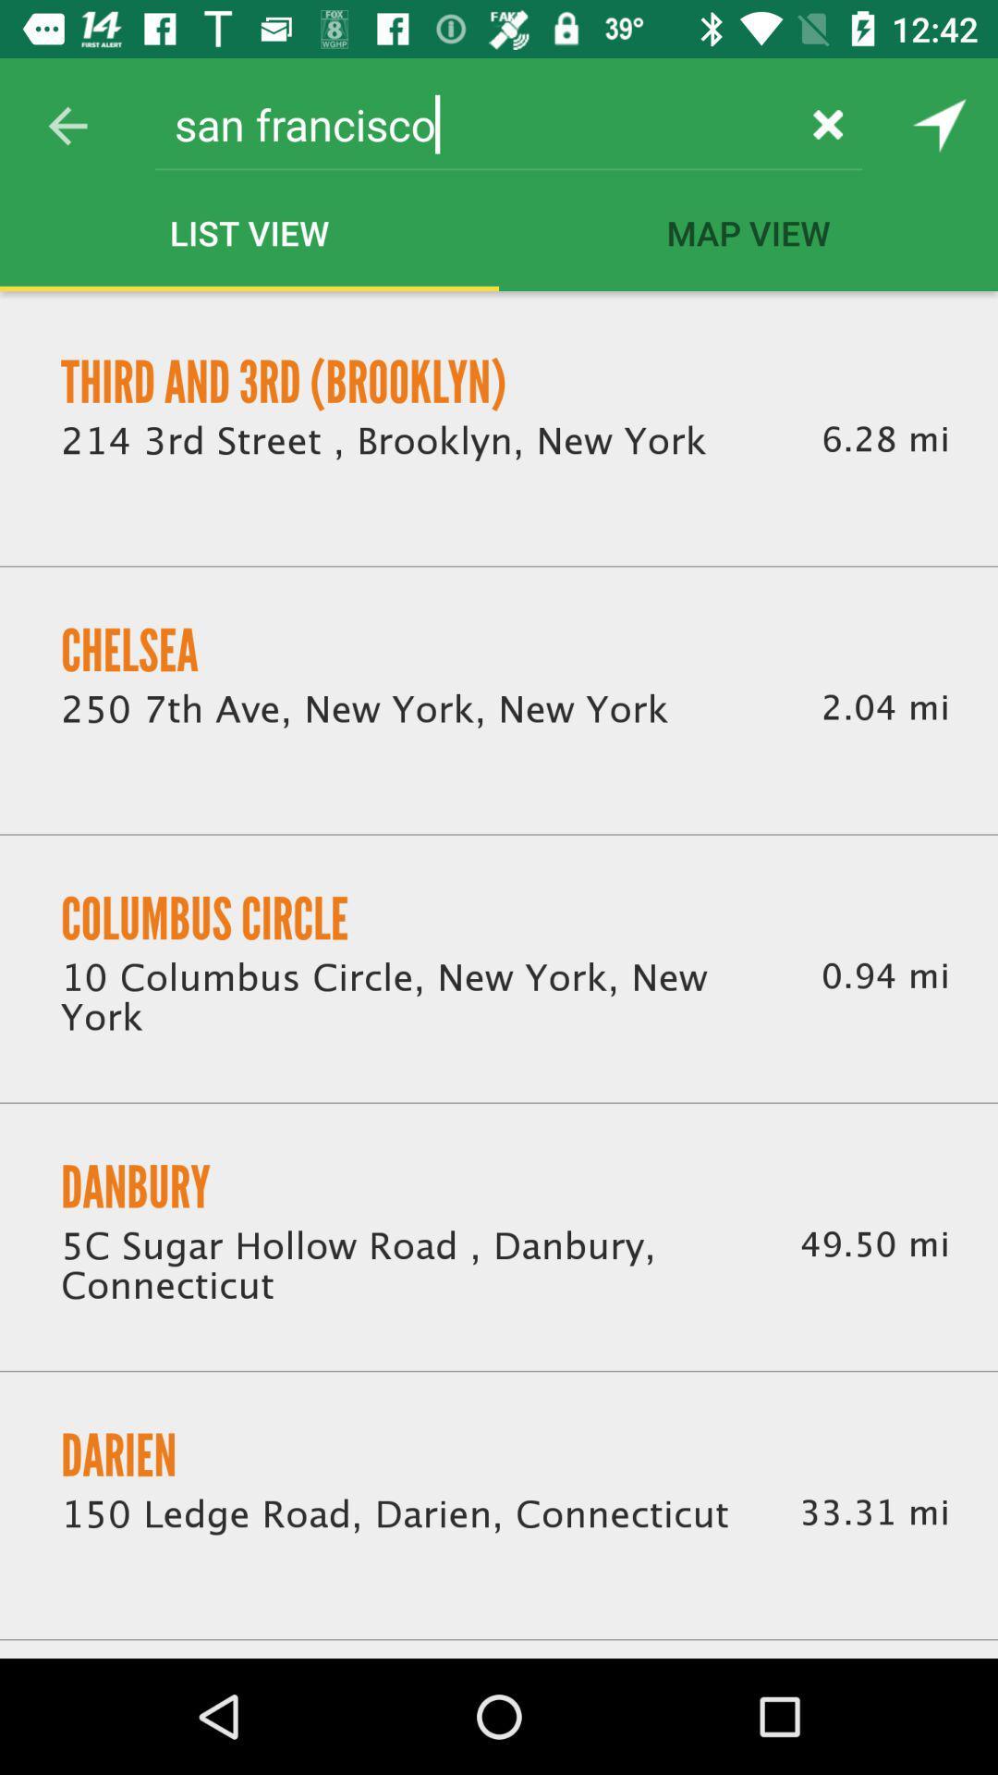 The image size is (998, 1775). I want to click on third and 3rd icon, so click(284, 381).